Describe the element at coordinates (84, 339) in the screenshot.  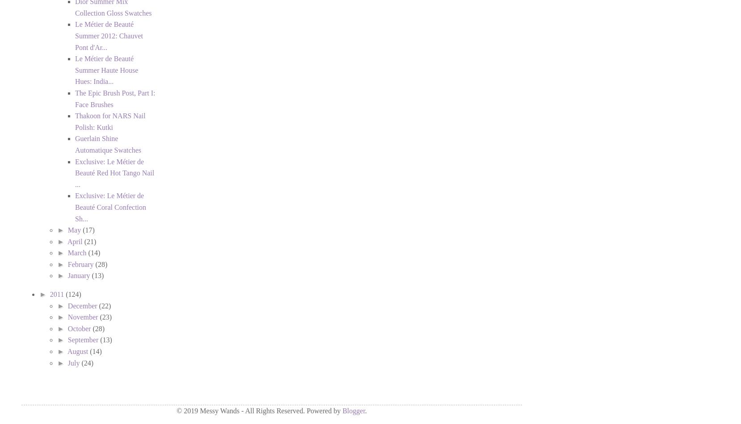
I see `'September'` at that location.